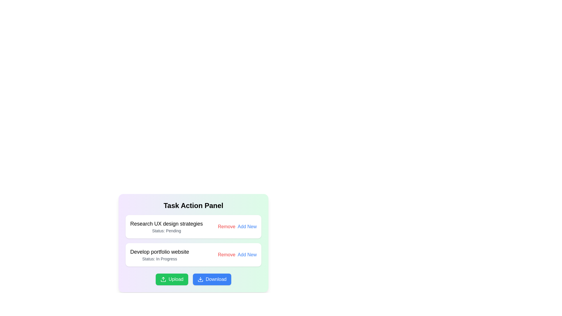 This screenshot has height=316, width=562. Describe the element at coordinates (247, 255) in the screenshot. I see `the 'Add New Item' link located to the right of the 'Remove' link in the Task Action Panel for the task 'Develop portfolio website'` at that location.